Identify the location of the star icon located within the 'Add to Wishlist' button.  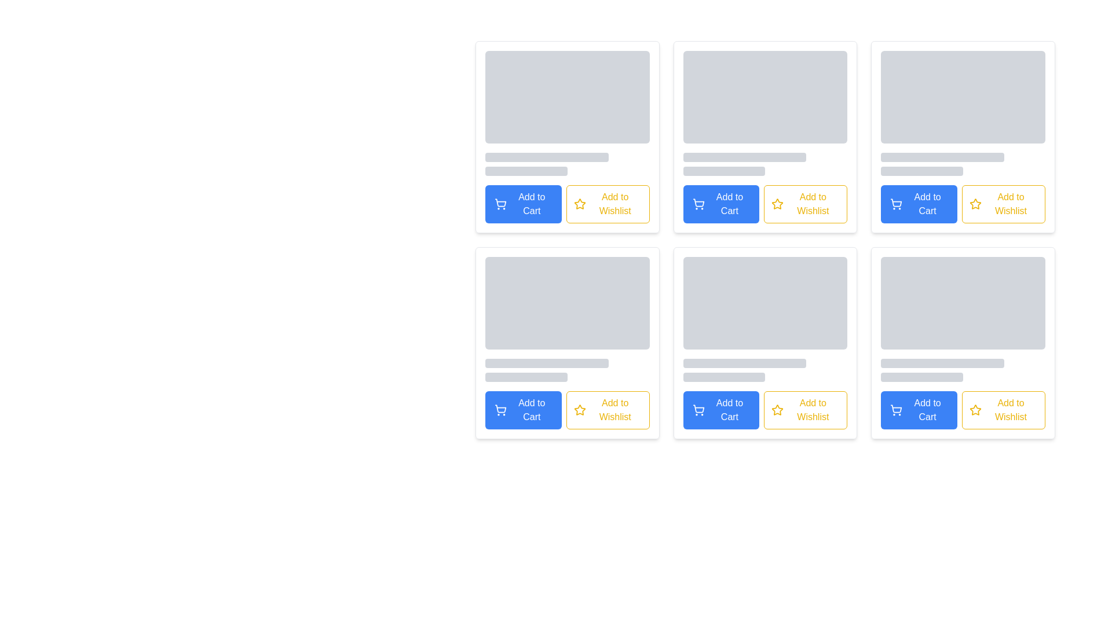
(975, 203).